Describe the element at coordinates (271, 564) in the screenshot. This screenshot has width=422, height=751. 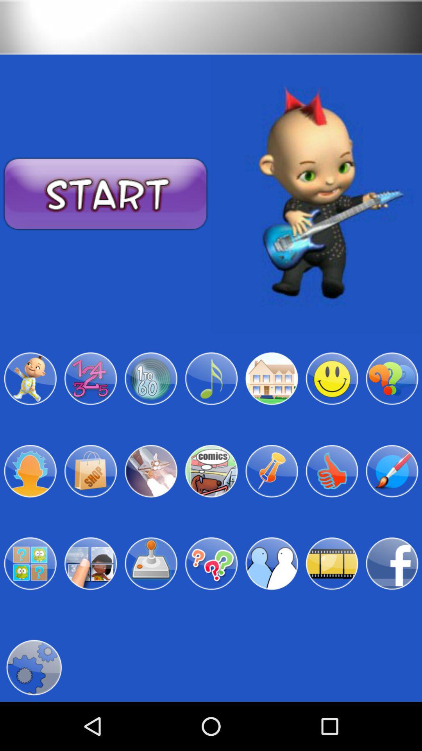
I see `choose profile` at that location.